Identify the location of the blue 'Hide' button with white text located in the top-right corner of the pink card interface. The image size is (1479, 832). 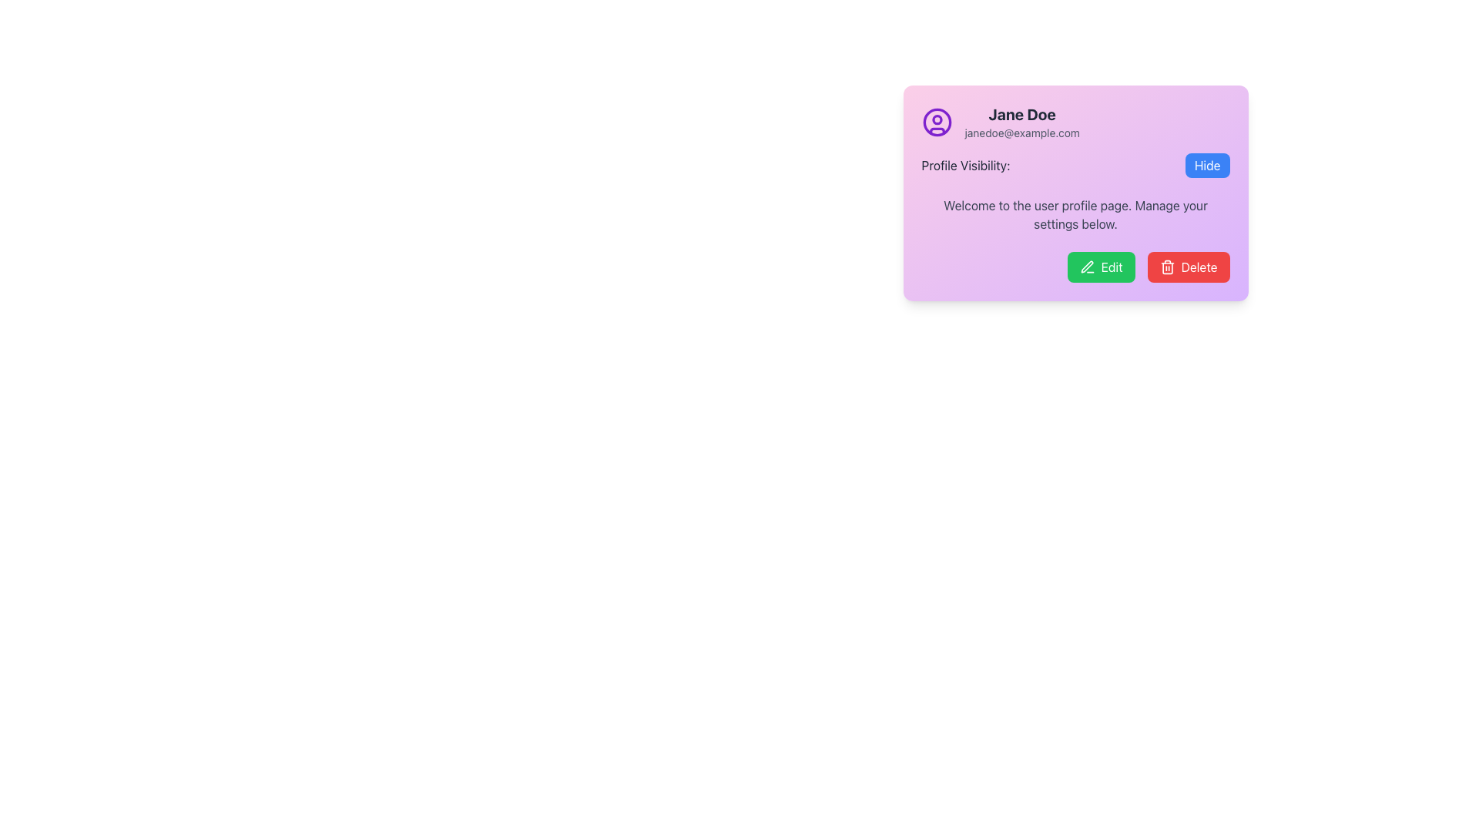
(1206, 166).